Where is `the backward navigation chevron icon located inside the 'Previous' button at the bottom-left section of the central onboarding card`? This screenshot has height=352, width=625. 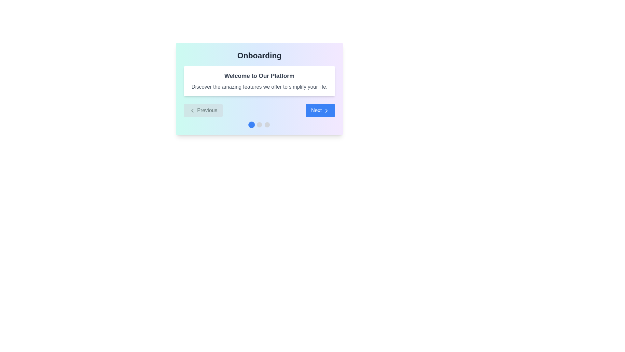 the backward navigation chevron icon located inside the 'Previous' button at the bottom-left section of the central onboarding card is located at coordinates (192, 110).